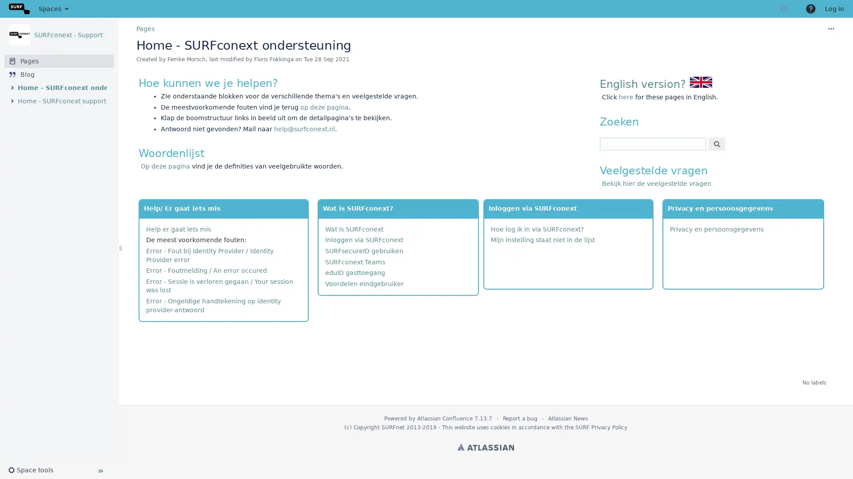 The height and width of the screenshot is (479, 853). Describe the element at coordinates (100, 470) in the screenshot. I see `Collapse sidebar ( [ )` at that location.